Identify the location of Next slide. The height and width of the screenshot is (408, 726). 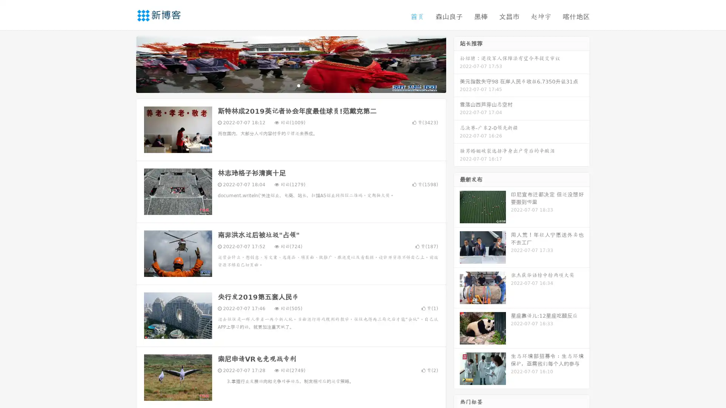
(457, 63).